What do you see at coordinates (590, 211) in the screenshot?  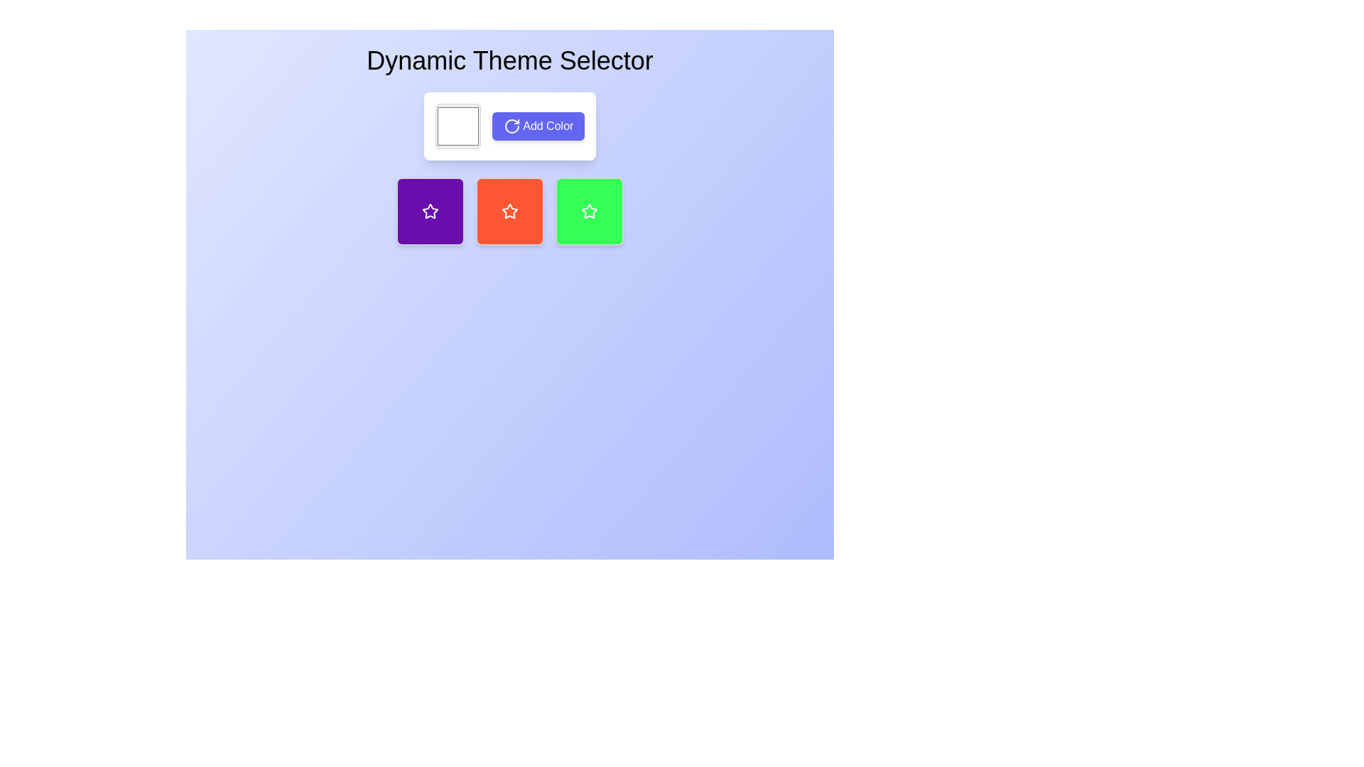 I see `the green square icon representing a theme choice located on the far right of the row beneath the 'Dynamic Theme Selector' text` at bounding box center [590, 211].